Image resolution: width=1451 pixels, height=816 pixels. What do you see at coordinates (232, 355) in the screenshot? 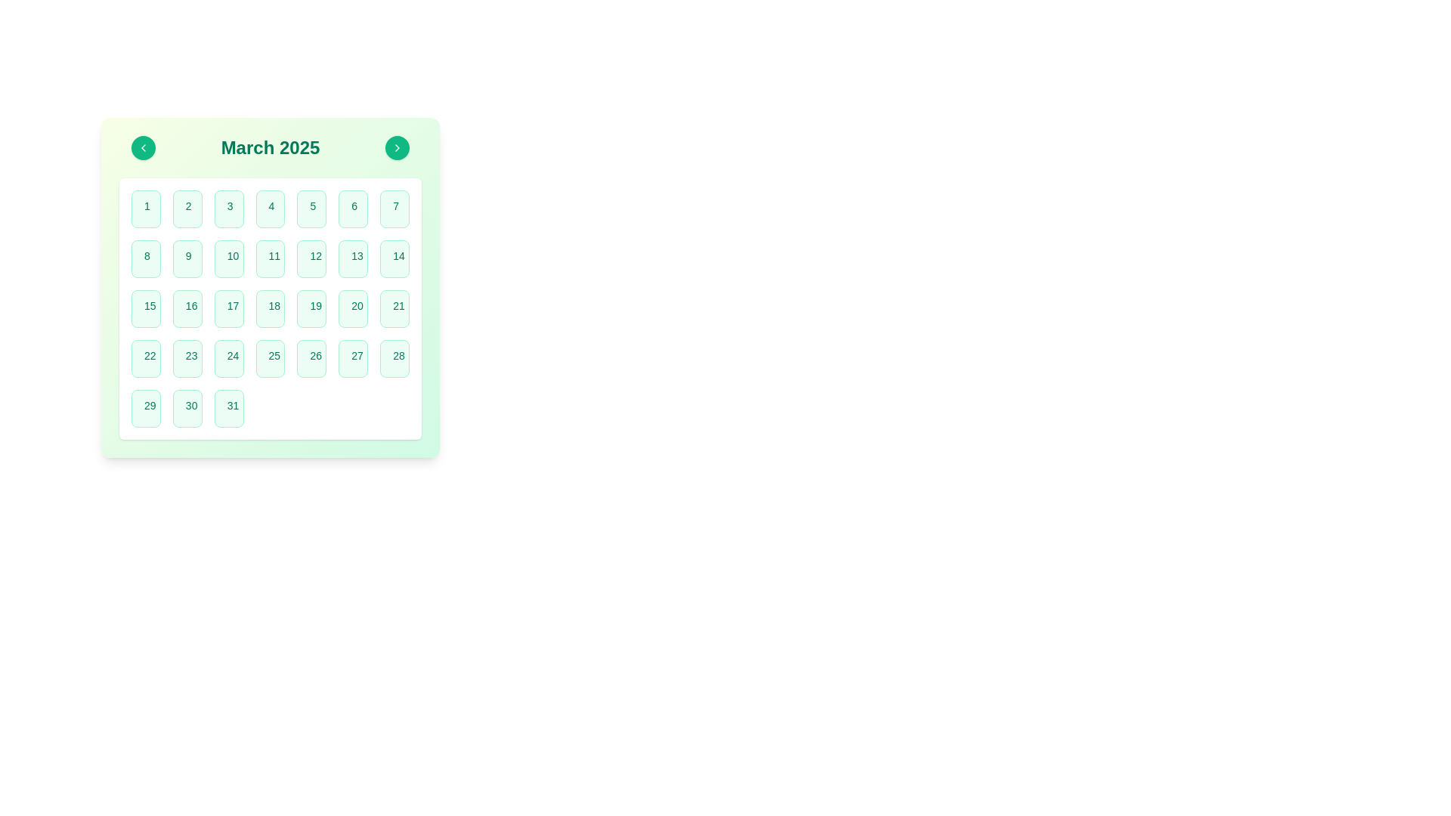
I see `the numeric text label representing the date '24' in the calendar interface, which is styled in a medium-sized emerald-700 font and has a light green rounded rectangular background` at bounding box center [232, 355].